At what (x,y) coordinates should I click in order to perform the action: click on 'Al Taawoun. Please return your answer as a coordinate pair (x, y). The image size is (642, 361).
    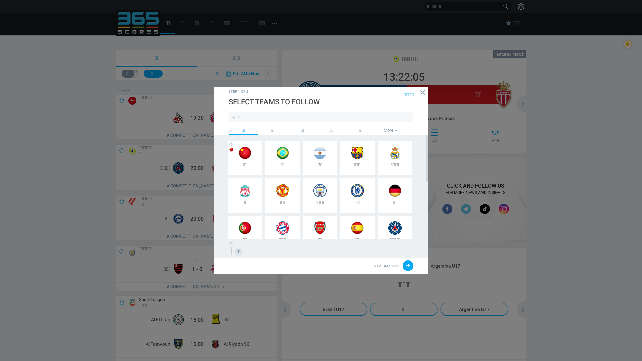
    Looking at the image, I should click on (195, 345).